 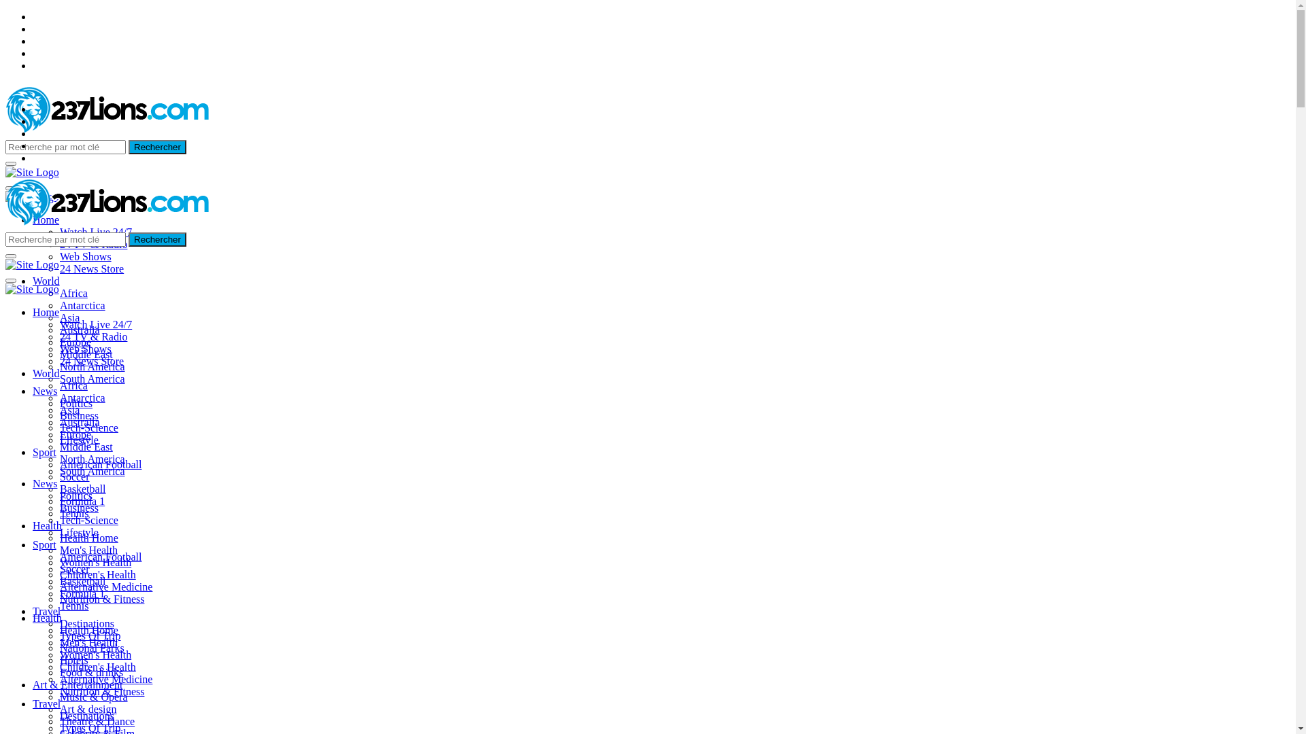 What do you see at coordinates (44, 452) in the screenshot?
I see `'Sport'` at bounding box center [44, 452].